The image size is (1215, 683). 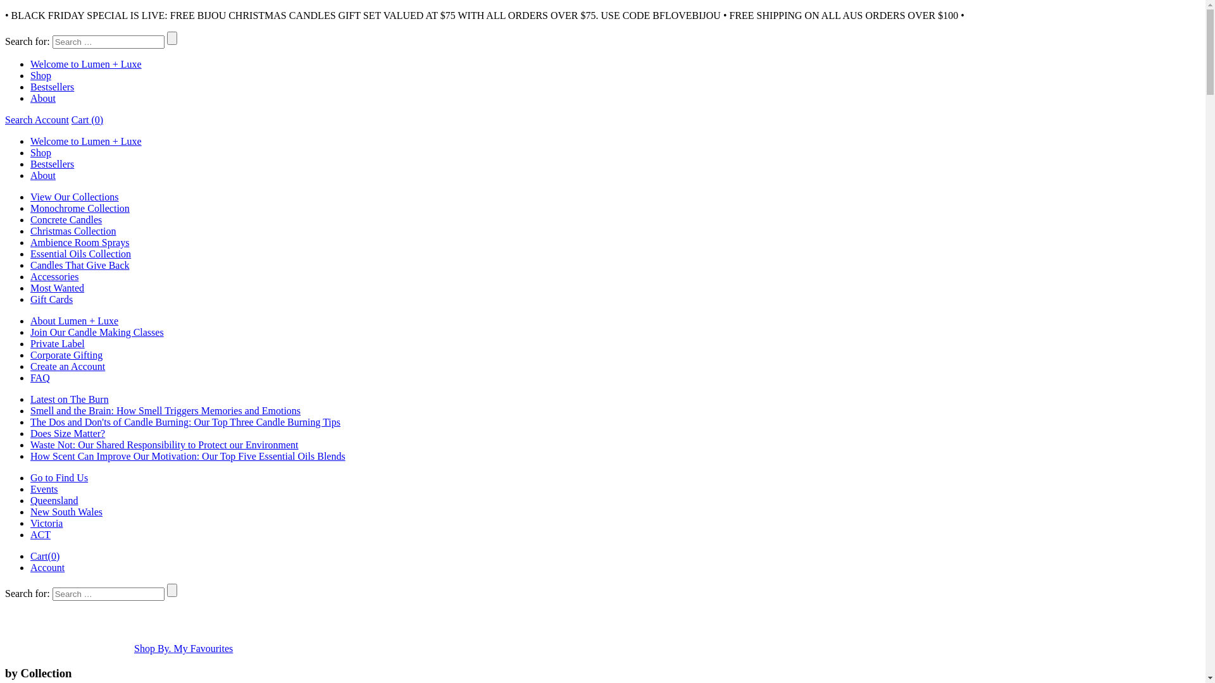 I want to click on 'Accessories', so click(x=54, y=276).